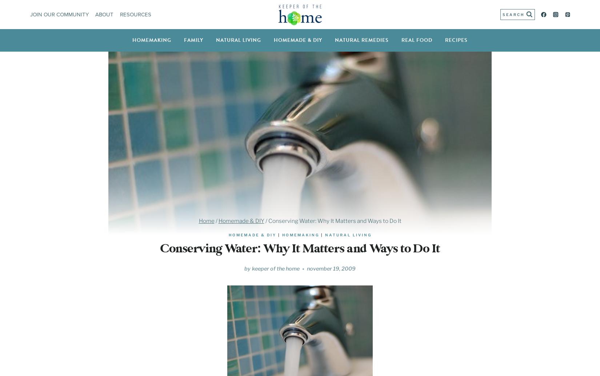 This screenshot has width=600, height=376. I want to click on 'November 19, 2009', so click(331, 268).